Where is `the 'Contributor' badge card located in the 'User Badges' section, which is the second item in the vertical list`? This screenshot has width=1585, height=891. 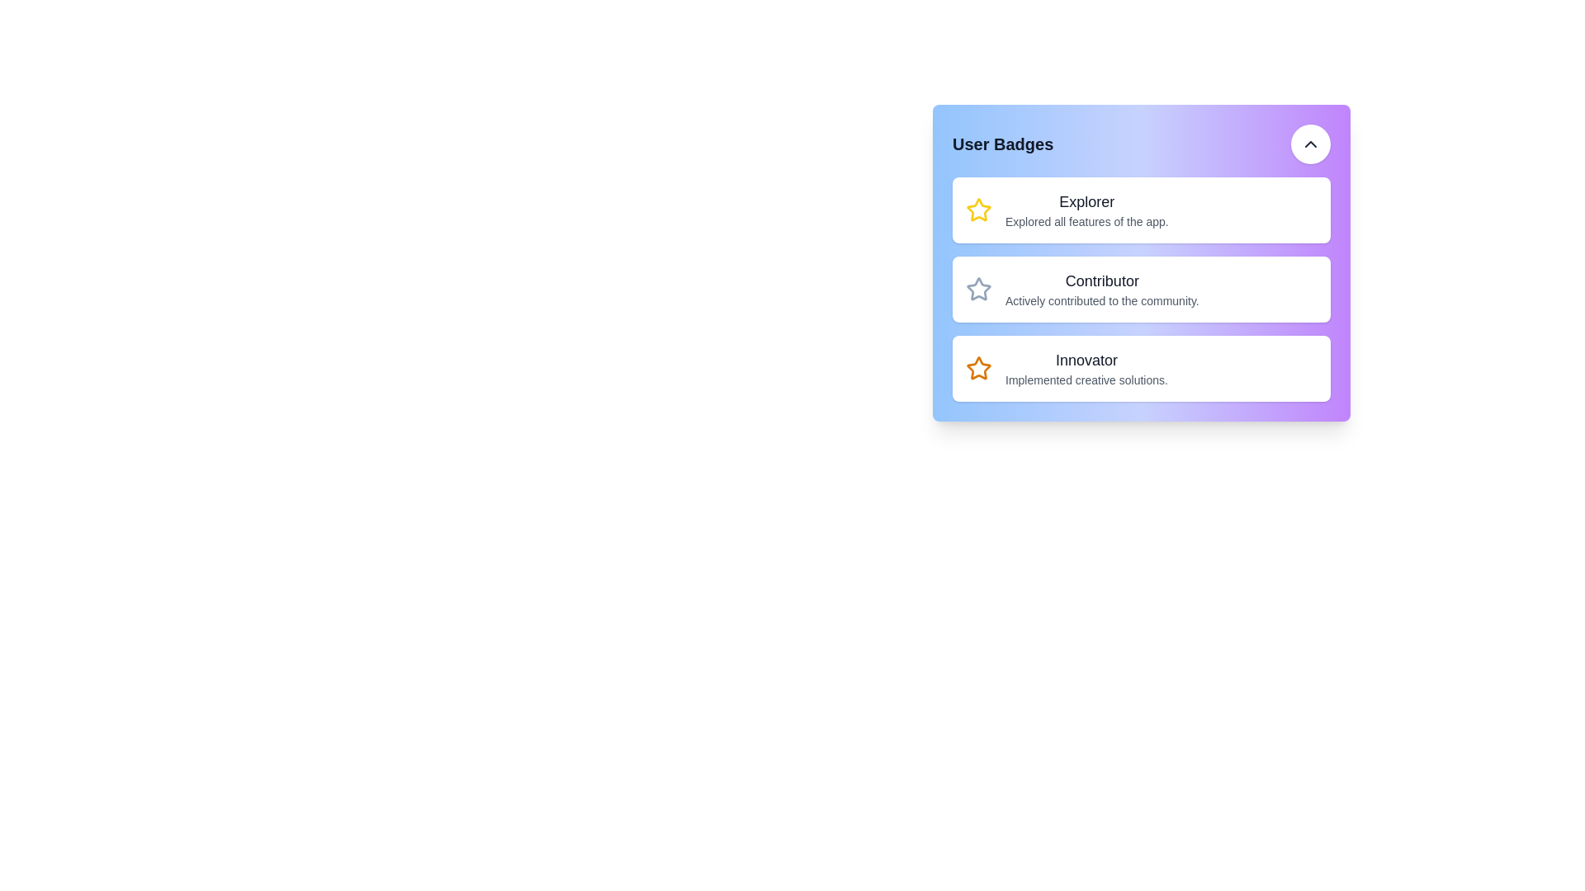 the 'Contributor' badge card located in the 'User Badges' section, which is the second item in the vertical list is located at coordinates (1140, 262).